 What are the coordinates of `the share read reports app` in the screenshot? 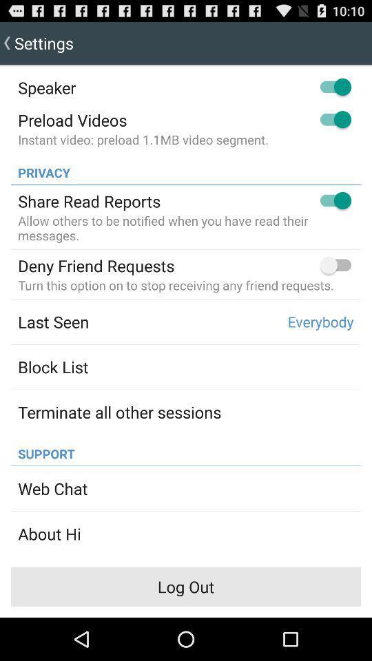 It's located at (89, 200).